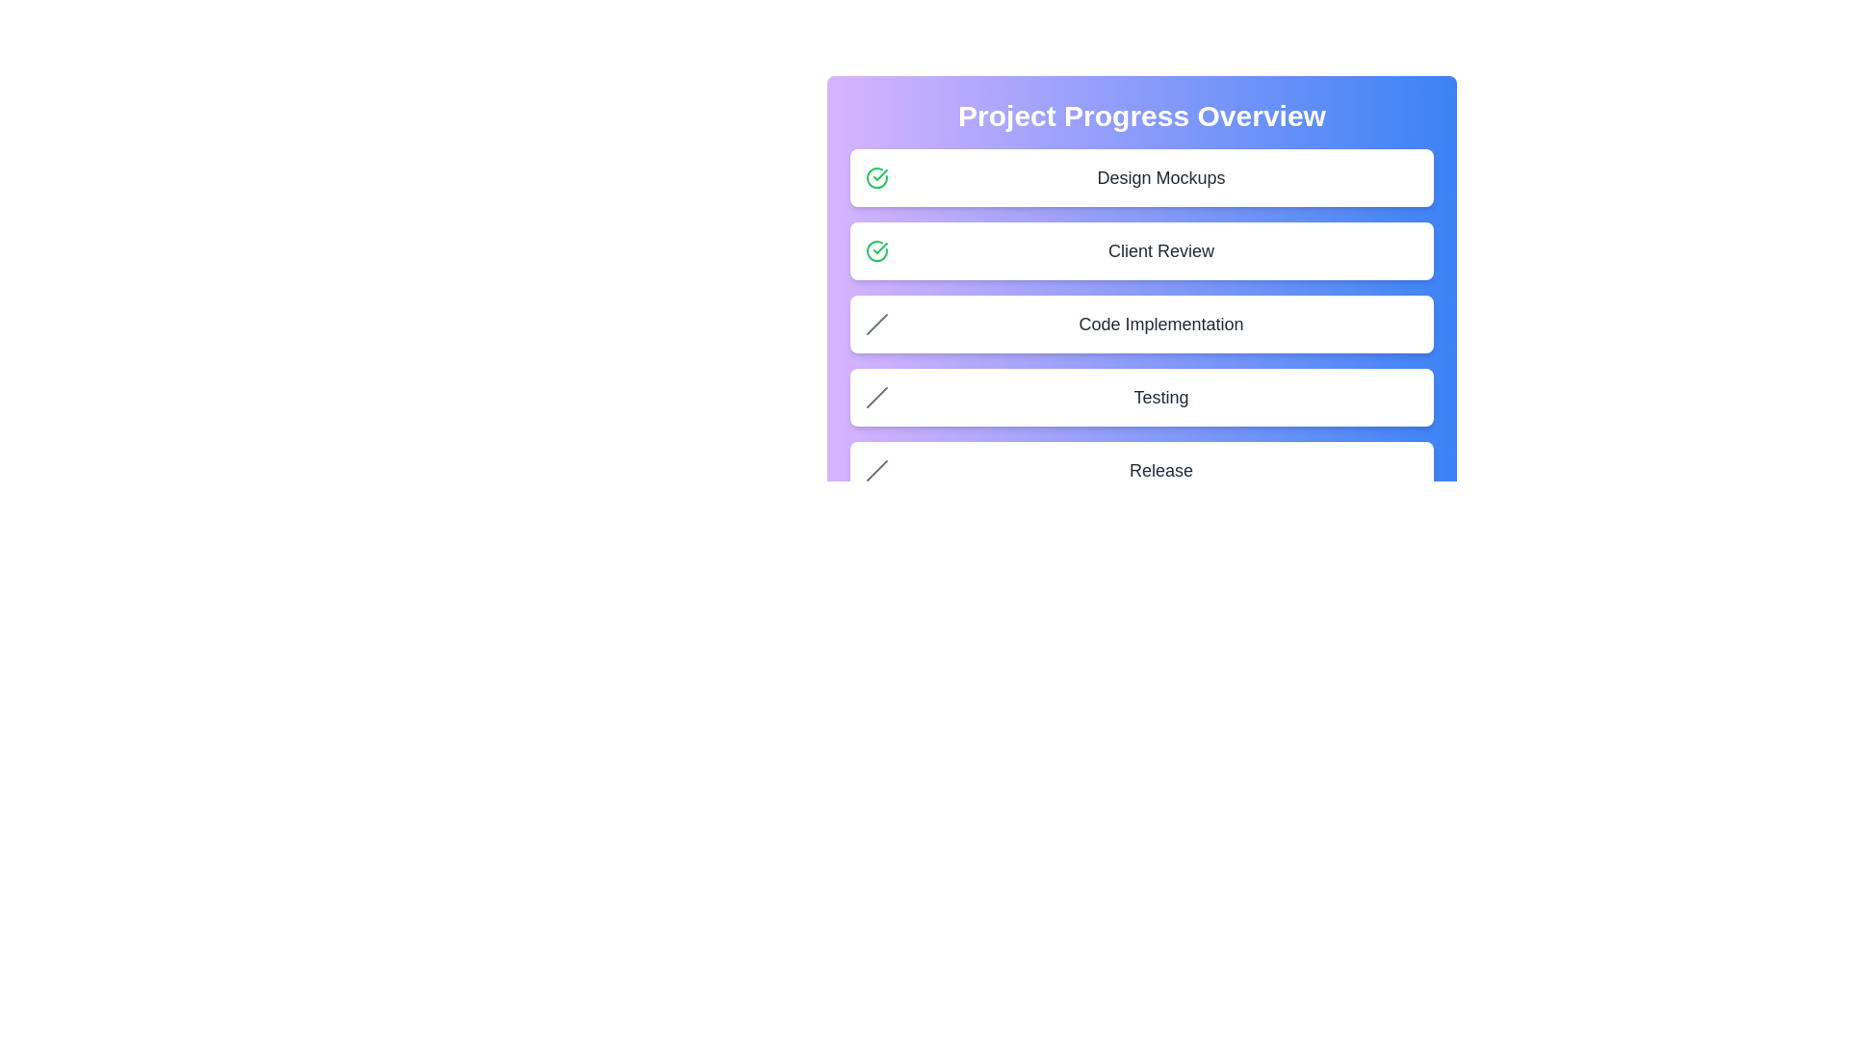 The width and height of the screenshot is (1849, 1040). I want to click on the icon resembling a forward slash located within the line item labeled 'Testing' in the 'Project Progress Overview' panel, so click(876, 396).